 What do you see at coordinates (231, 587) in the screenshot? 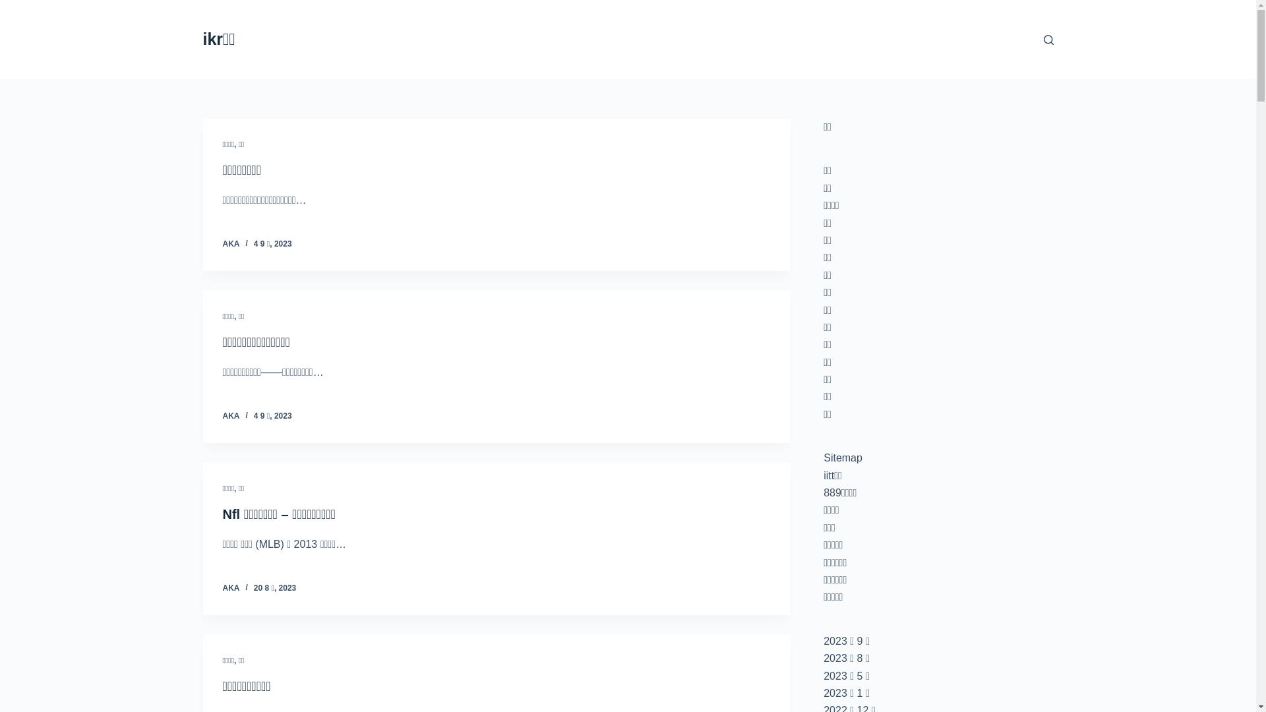
I see `'AKA'` at bounding box center [231, 587].